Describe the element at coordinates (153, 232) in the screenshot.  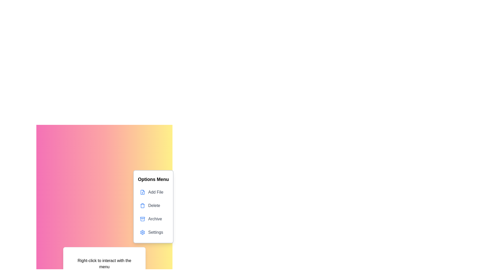
I see `the 'Settings' option in the context menu` at that location.